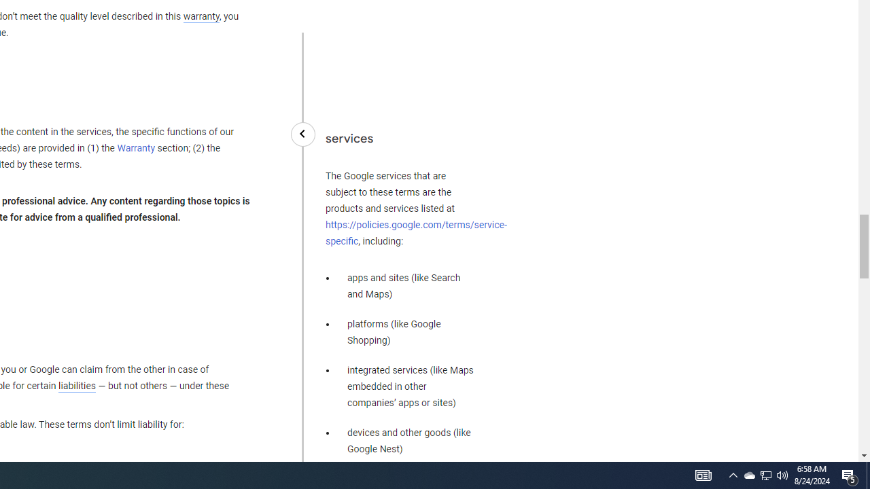 The height and width of the screenshot is (489, 870). Describe the element at coordinates (136, 149) in the screenshot. I see `'Warranty'` at that location.